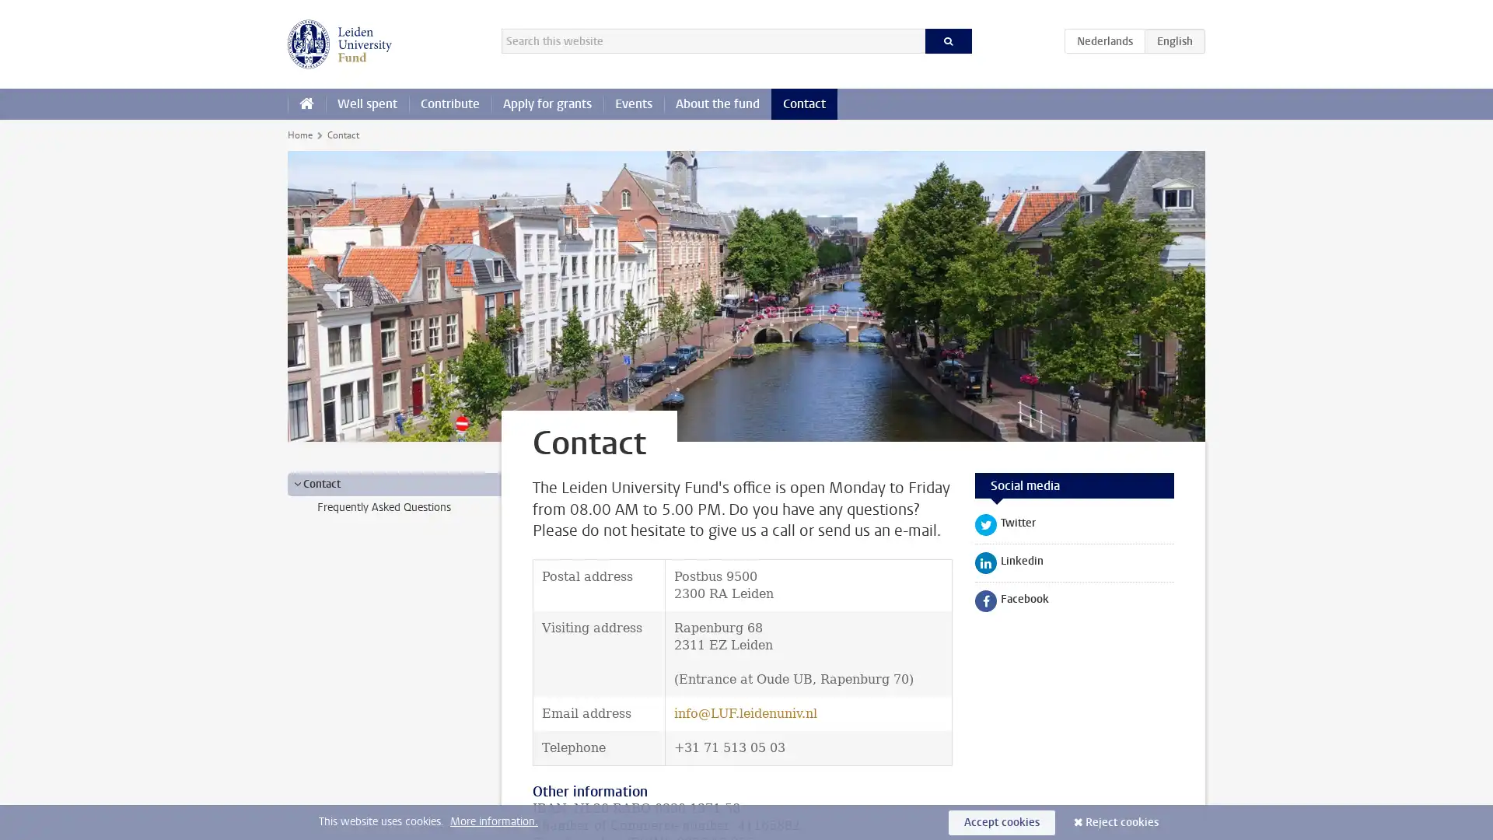  Describe the element at coordinates (1002, 821) in the screenshot. I see `Accept cookies` at that location.